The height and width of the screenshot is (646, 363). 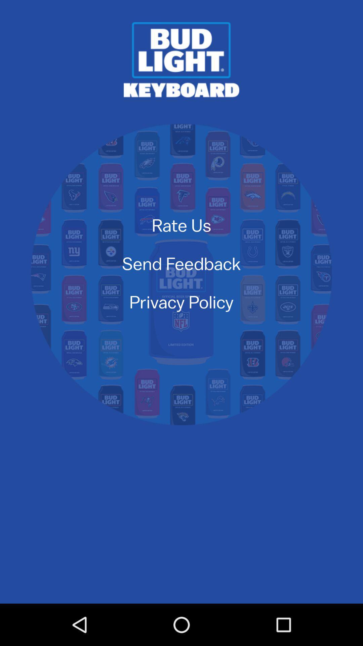 I want to click on the icon below the send feedback item, so click(x=182, y=301).